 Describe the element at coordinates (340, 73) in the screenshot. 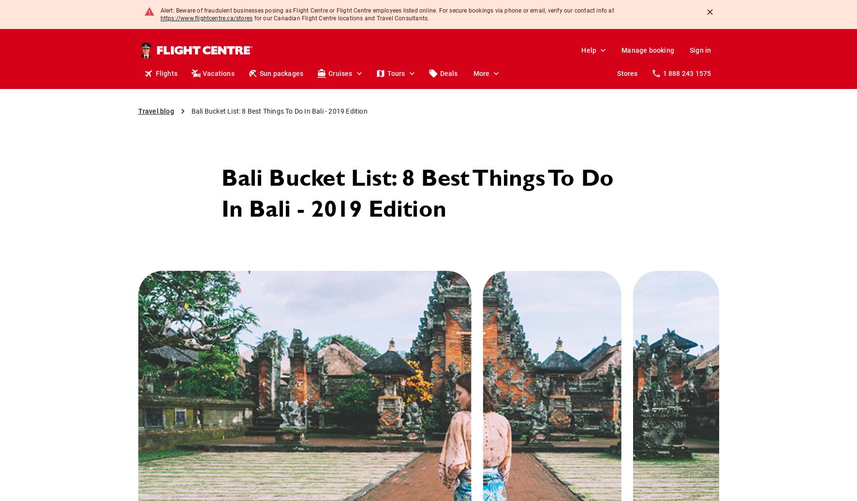

I see `'Cruises'` at that location.